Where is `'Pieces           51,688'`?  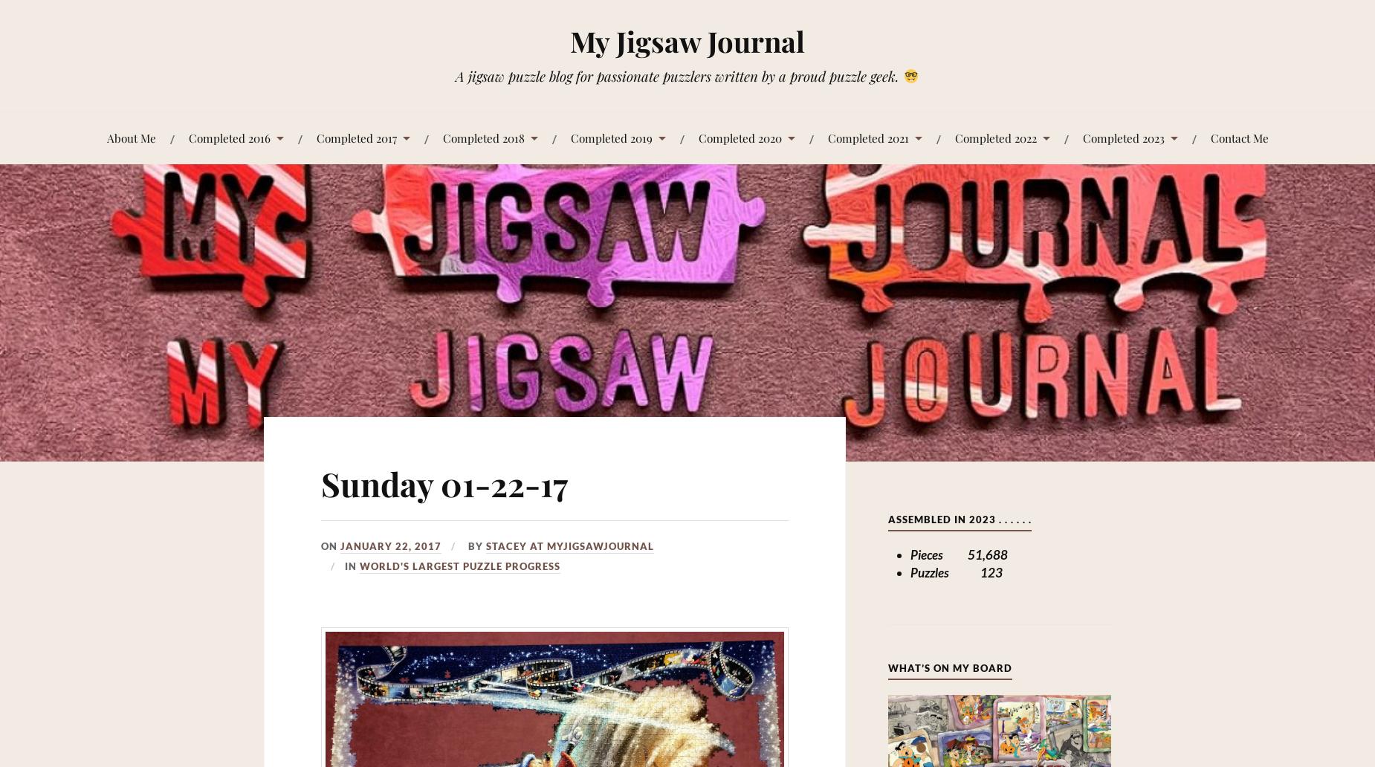
'Pieces           51,688' is located at coordinates (957, 554).